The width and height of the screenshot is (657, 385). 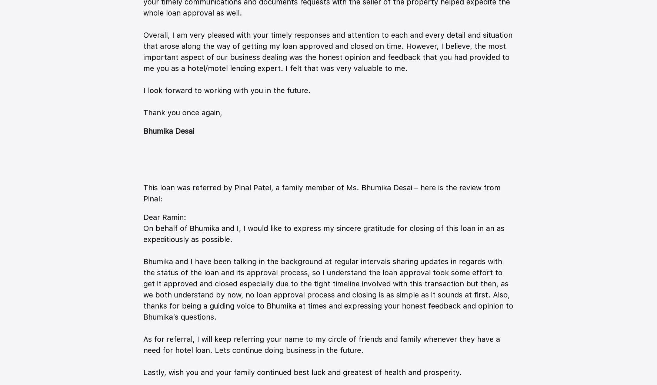 I want to click on 'As for referral, I will keep referring your name to my circle of friends and family whenever they have a need for hotel loan. Lets continue doing business in the future.', so click(x=321, y=344).